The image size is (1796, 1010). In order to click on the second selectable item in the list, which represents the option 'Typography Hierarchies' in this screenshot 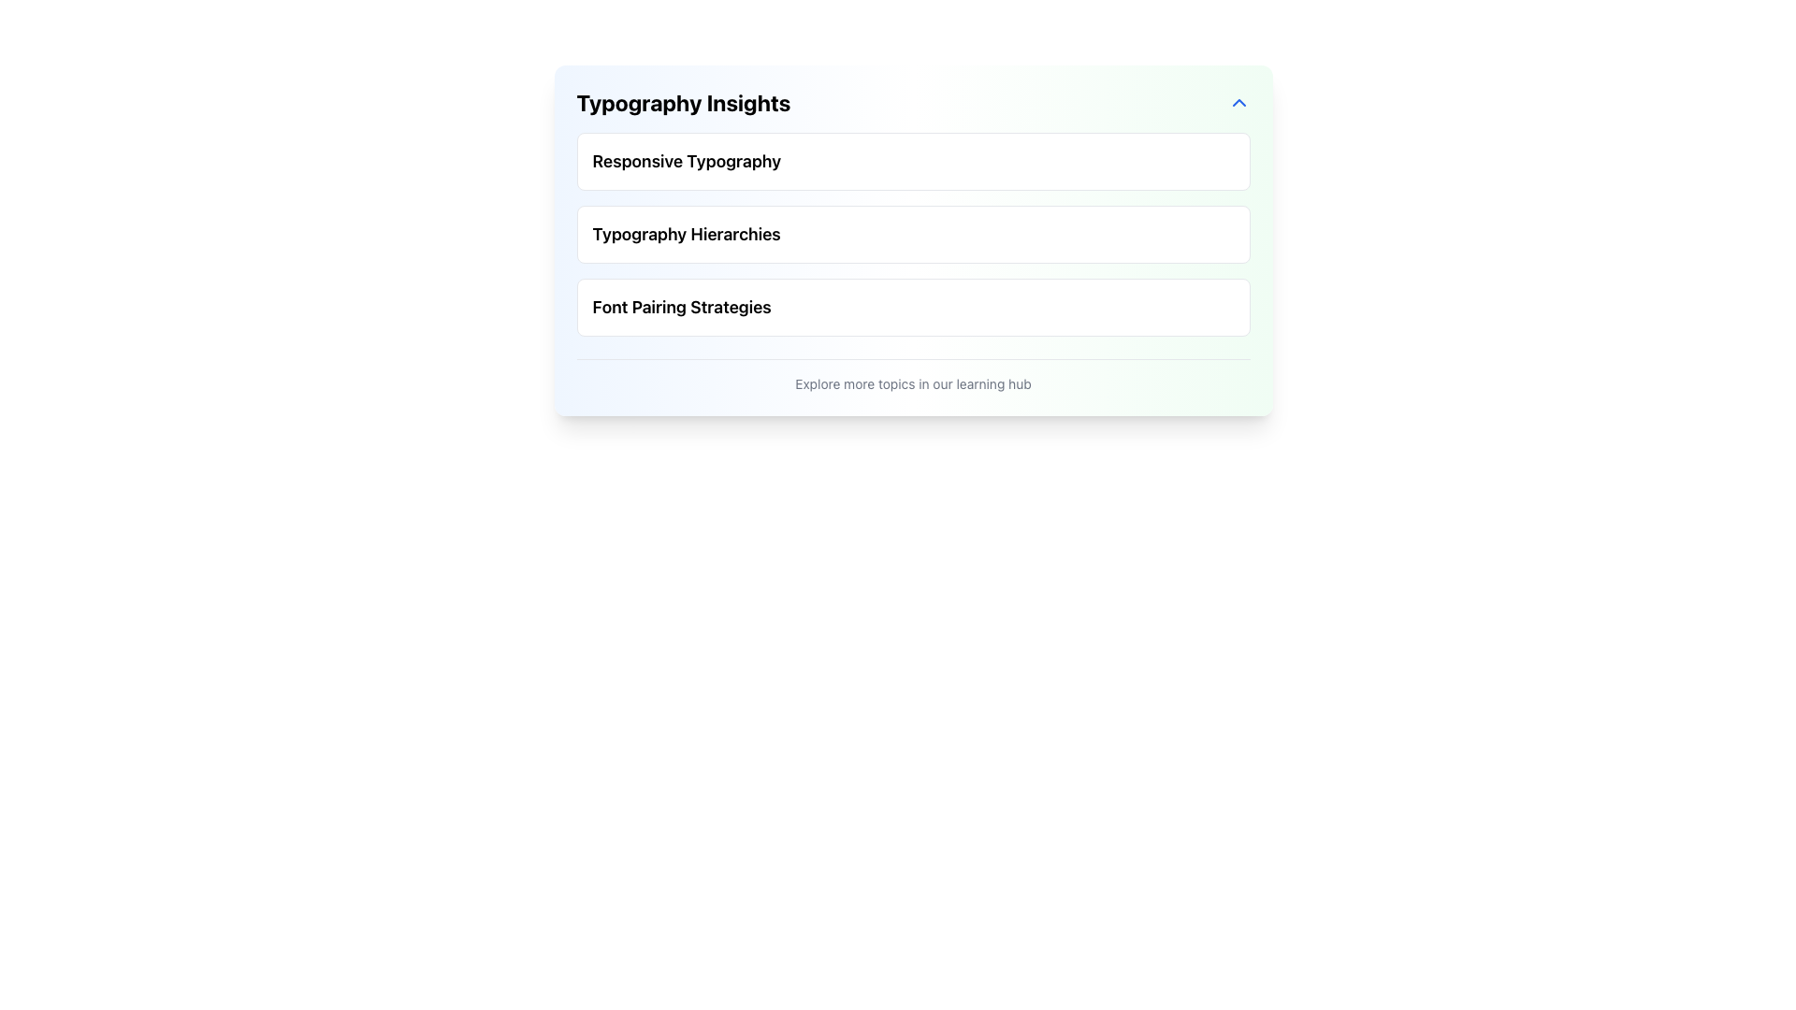, I will do `click(913, 233)`.